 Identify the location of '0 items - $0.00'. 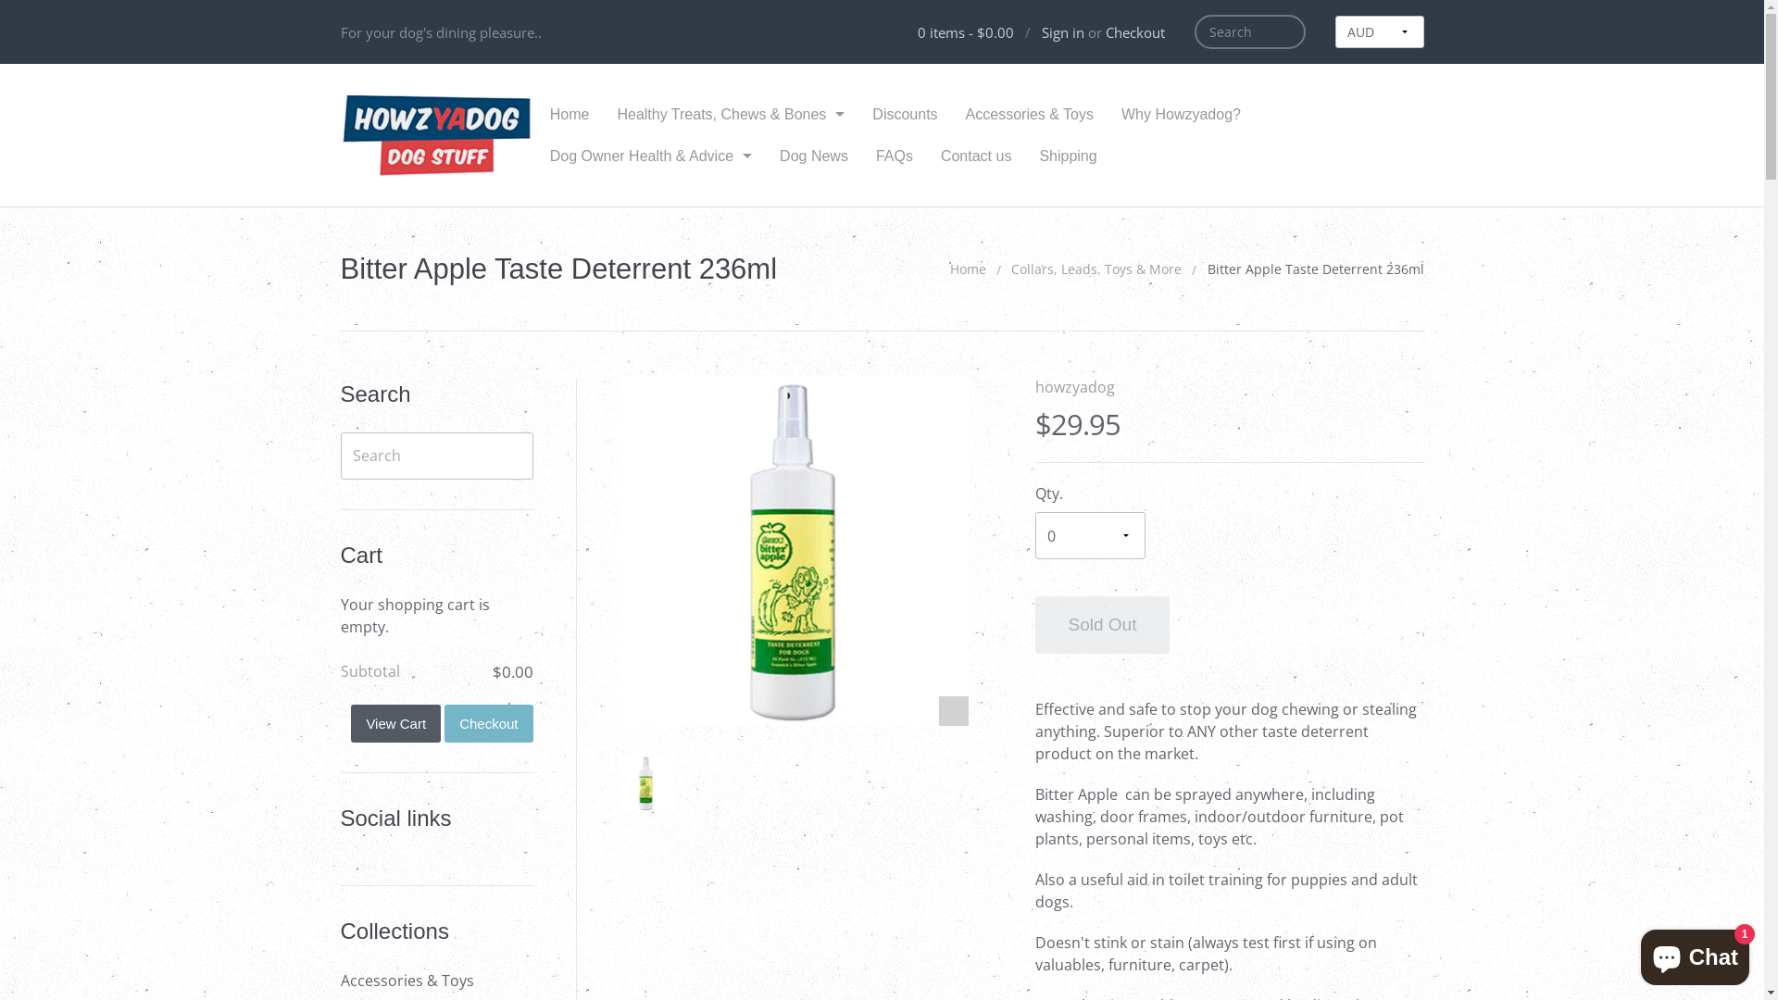
(963, 31).